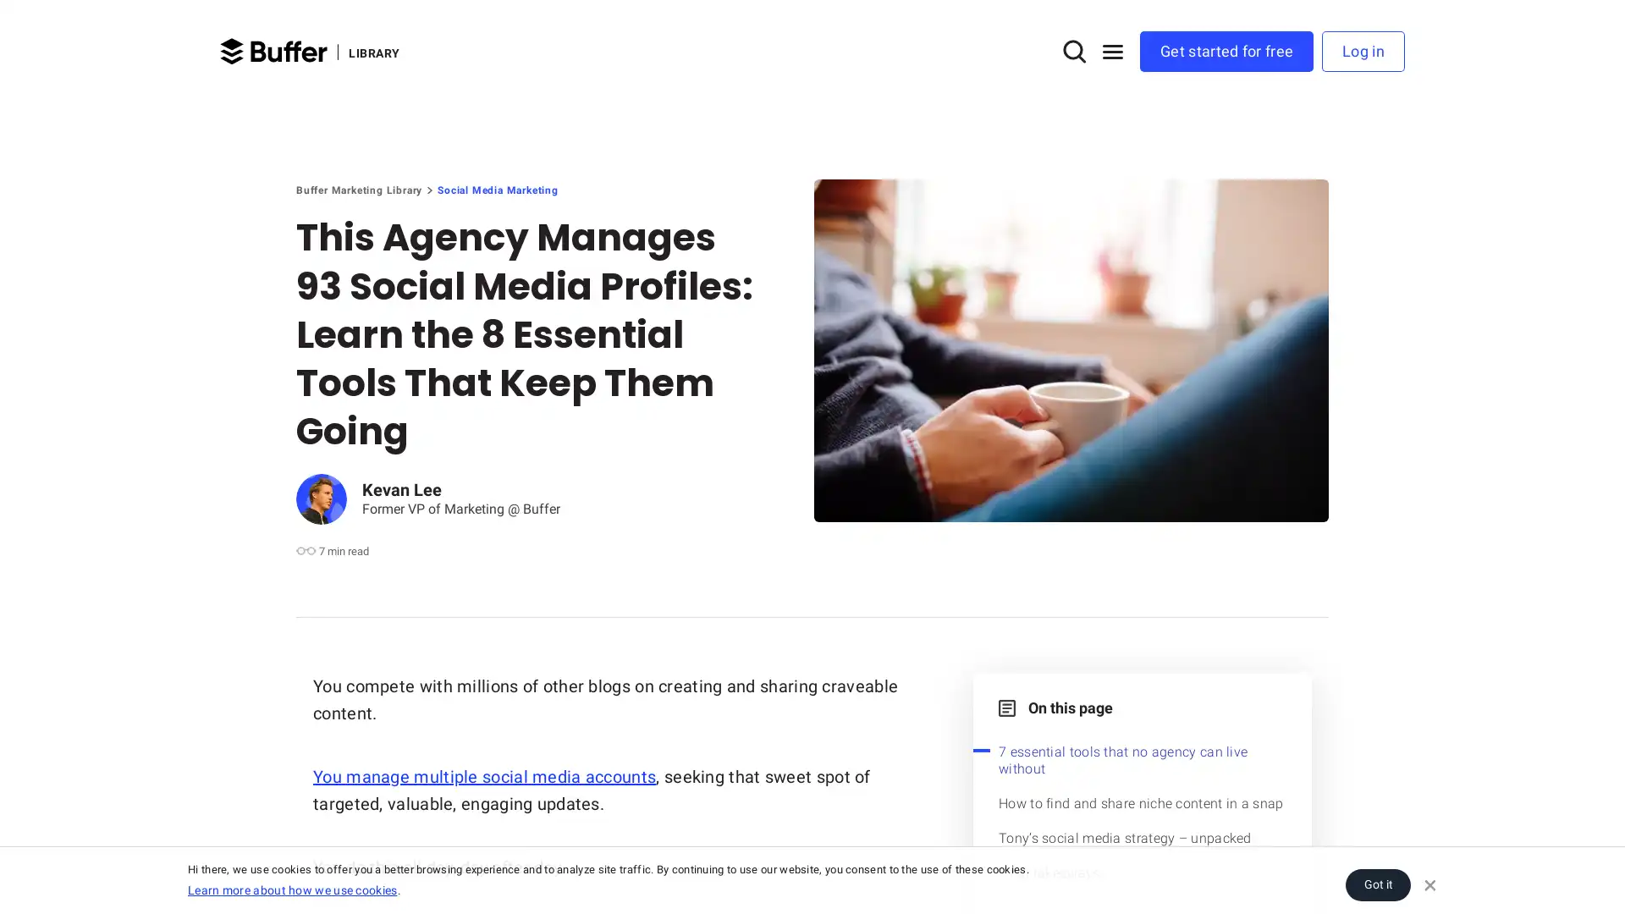 This screenshot has width=1625, height=914. What do you see at coordinates (1113, 51) in the screenshot?
I see `Menu` at bounding box center [1113, 51].